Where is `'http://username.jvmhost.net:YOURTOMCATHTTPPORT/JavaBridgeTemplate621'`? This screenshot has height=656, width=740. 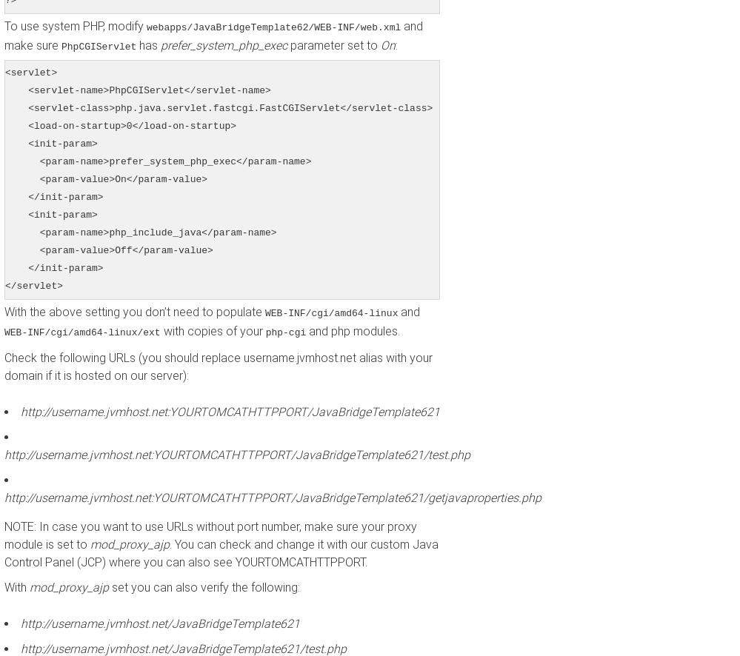
'http://username.jvmhost.net:YOURTOMCATHTTPPORT/JavaBridgeTemplate621' is located at coordinates (229, 412).